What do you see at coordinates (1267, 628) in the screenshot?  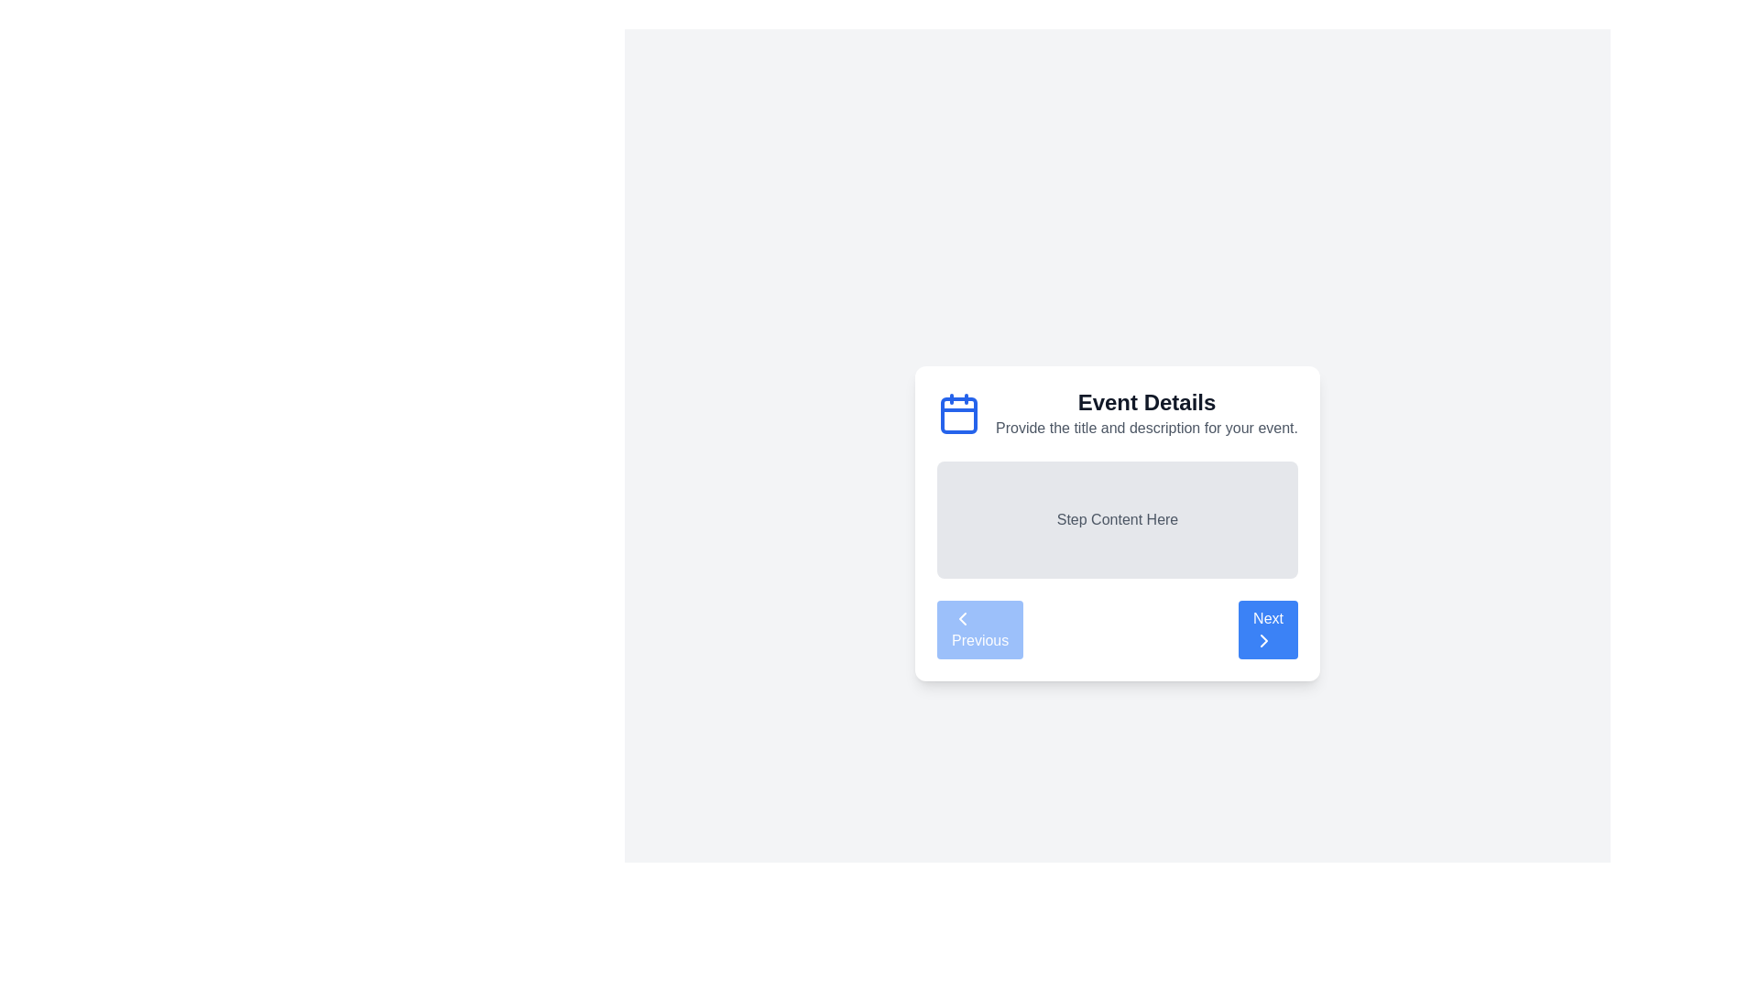 I see `the 'Next' button, which is a rectangular button with a blue background and white text` at bounding box center [1267, 628].